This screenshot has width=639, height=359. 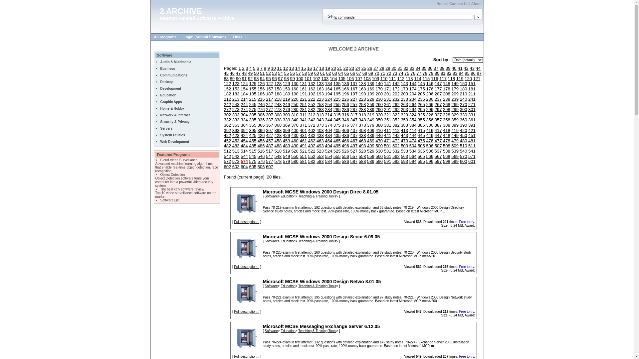 What do you see at coordinates (421, 104) in the screenshot?
I see `'265'` at bounding box center [421, 104].